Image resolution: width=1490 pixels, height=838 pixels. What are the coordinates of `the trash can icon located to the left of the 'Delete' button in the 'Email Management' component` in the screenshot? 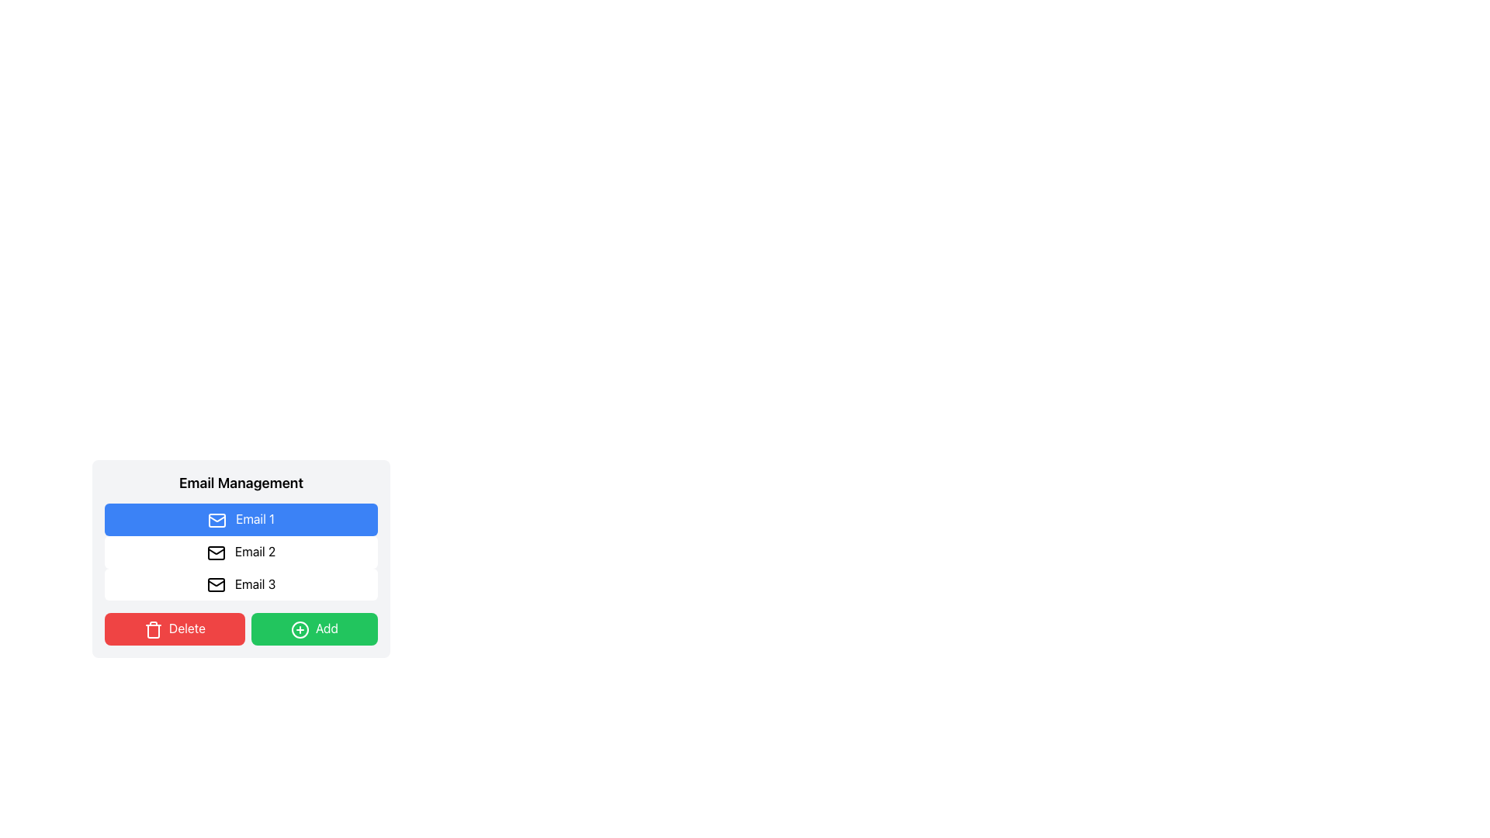 It's located at (153, 630).